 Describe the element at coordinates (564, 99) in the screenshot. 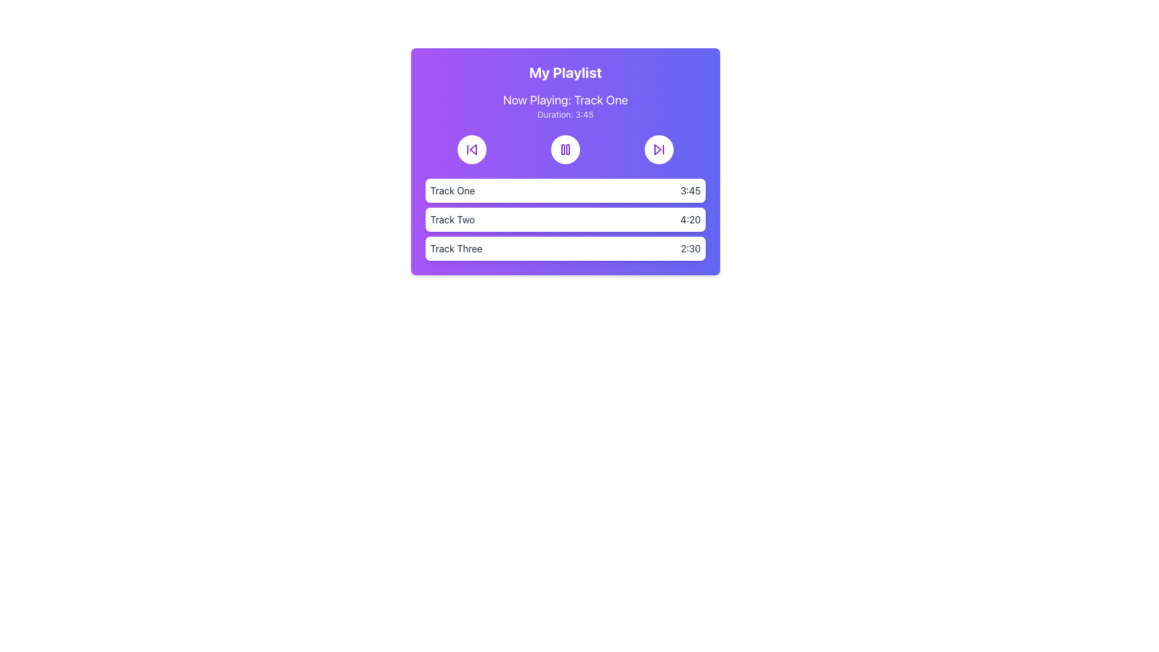

I see `the text element displaying the currently playing track title, located under 'My Playlist' and above the duration text` at that location.